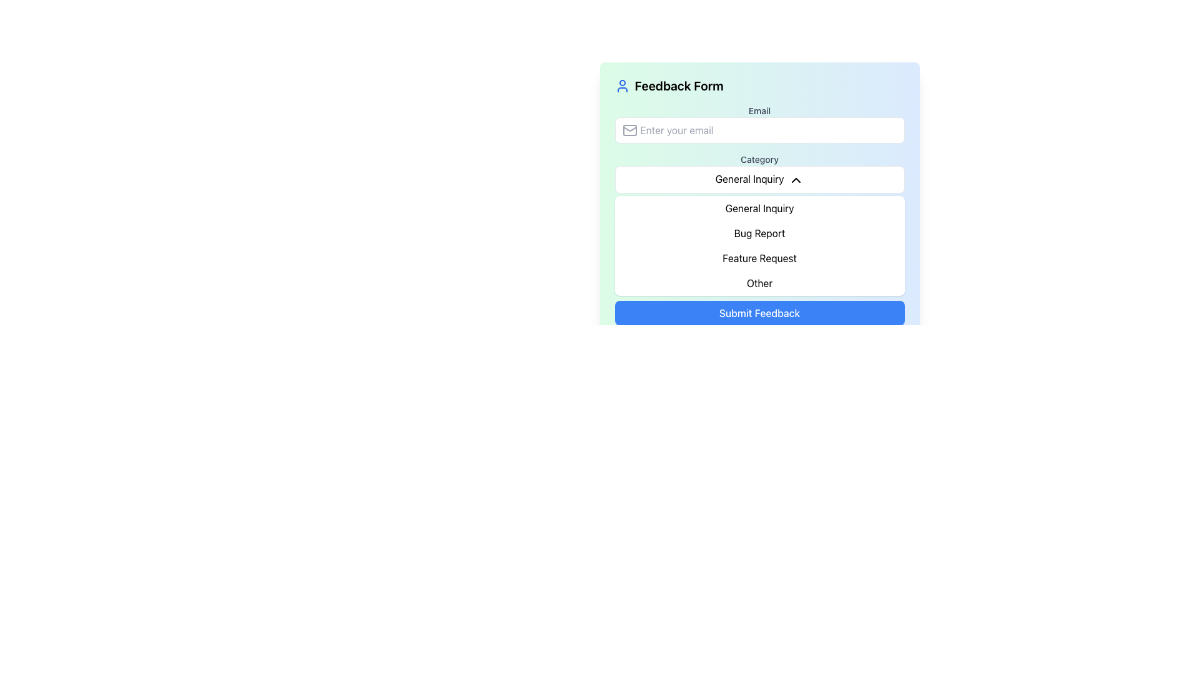 The height and width of the screenshot is (674, 1199). Describe the element at coordinates (622, 85) in the screenshot. I see `the user silhouette icon, which is bright blue and located to the left of the 'Feedback Form' text at the top of the feedback interface` at that location.